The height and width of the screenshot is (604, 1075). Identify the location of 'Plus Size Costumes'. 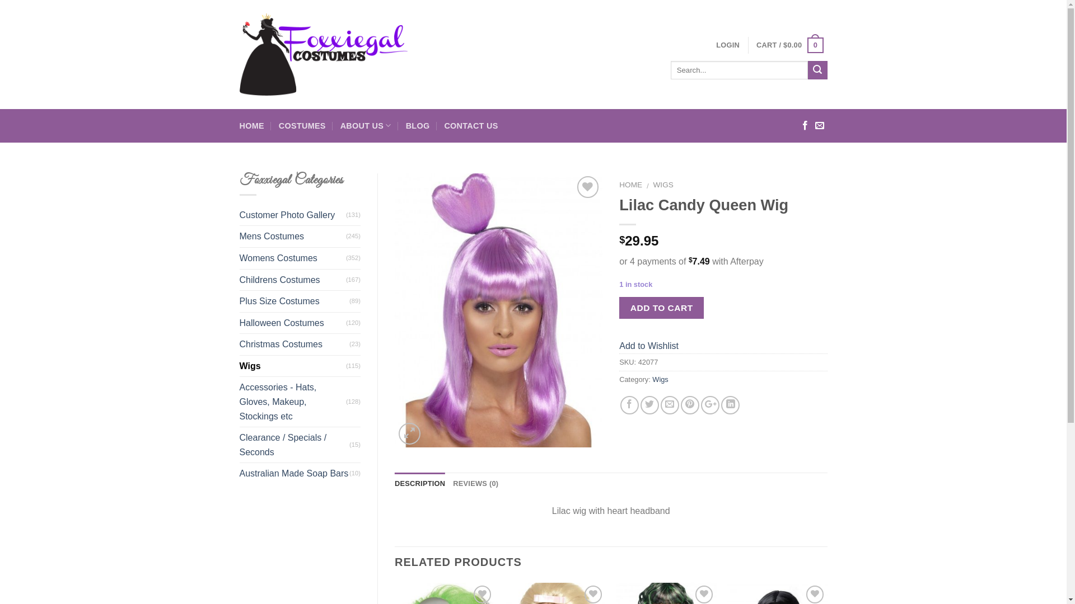
(295, 301).